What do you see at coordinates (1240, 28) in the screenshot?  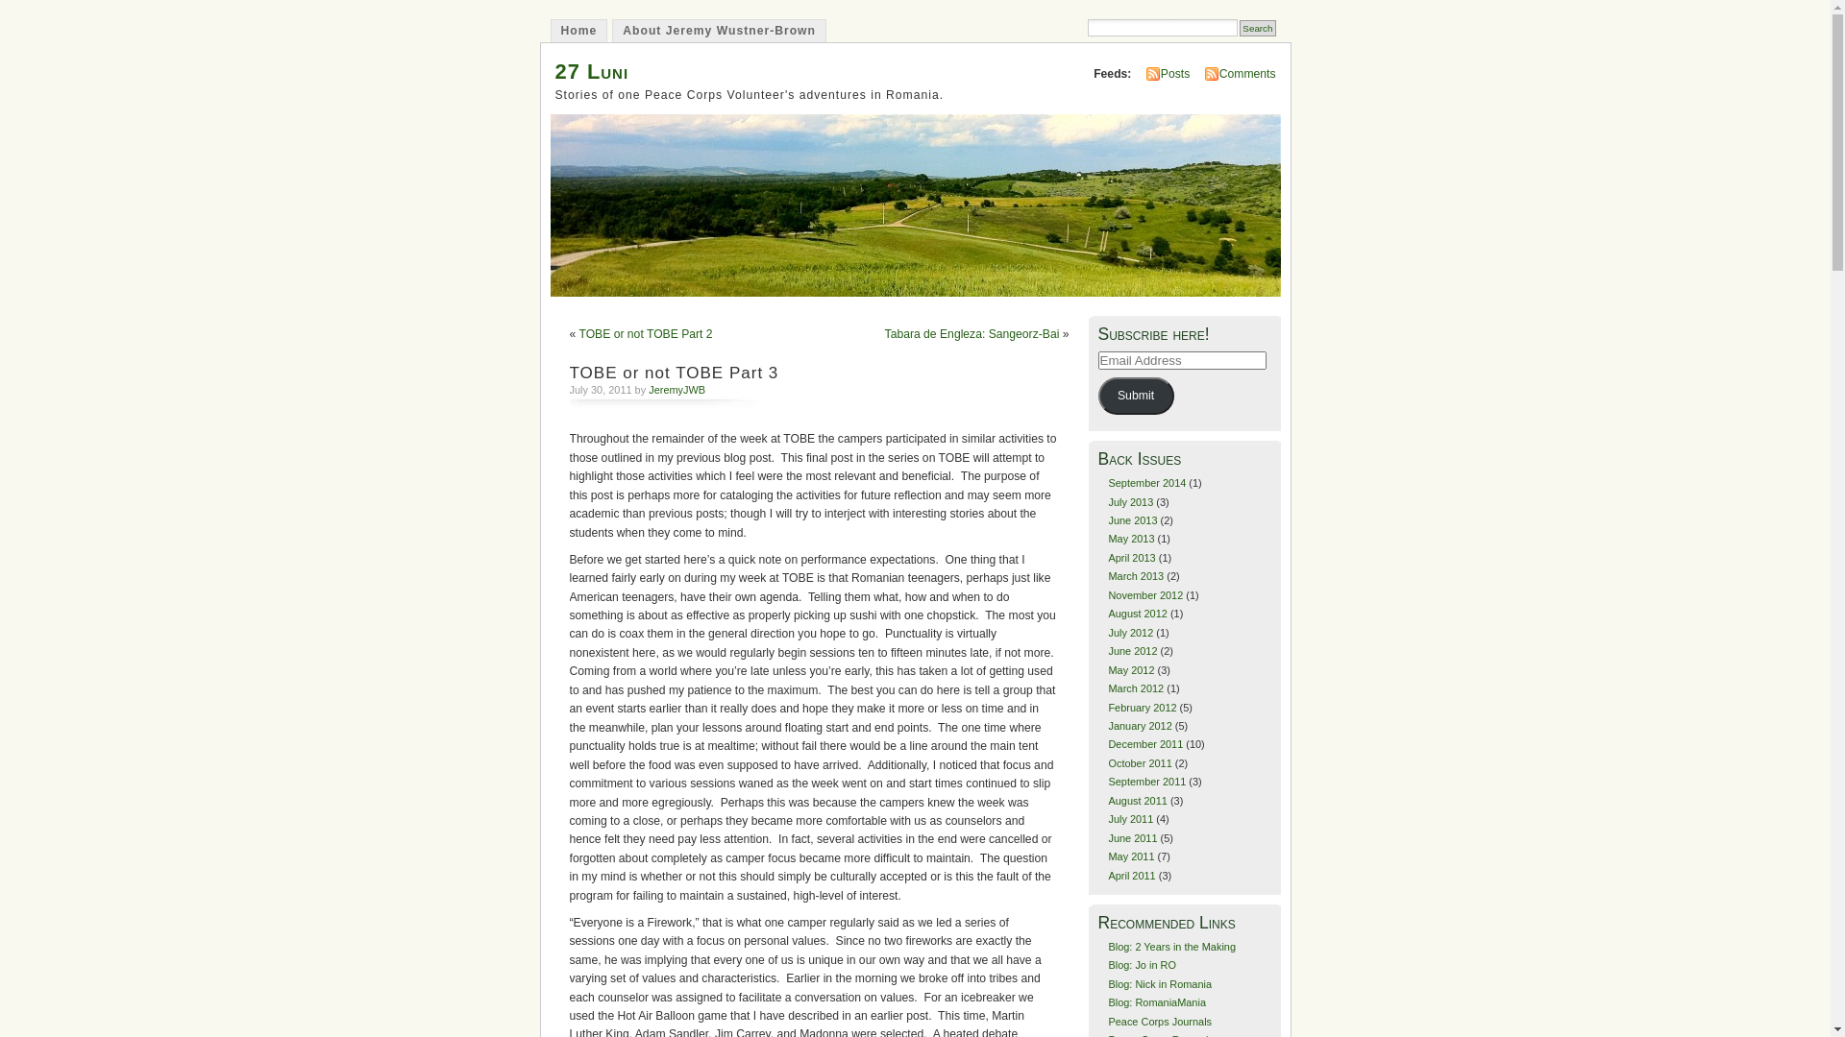 I see `'Search'` at bounding box center [1240, 28].